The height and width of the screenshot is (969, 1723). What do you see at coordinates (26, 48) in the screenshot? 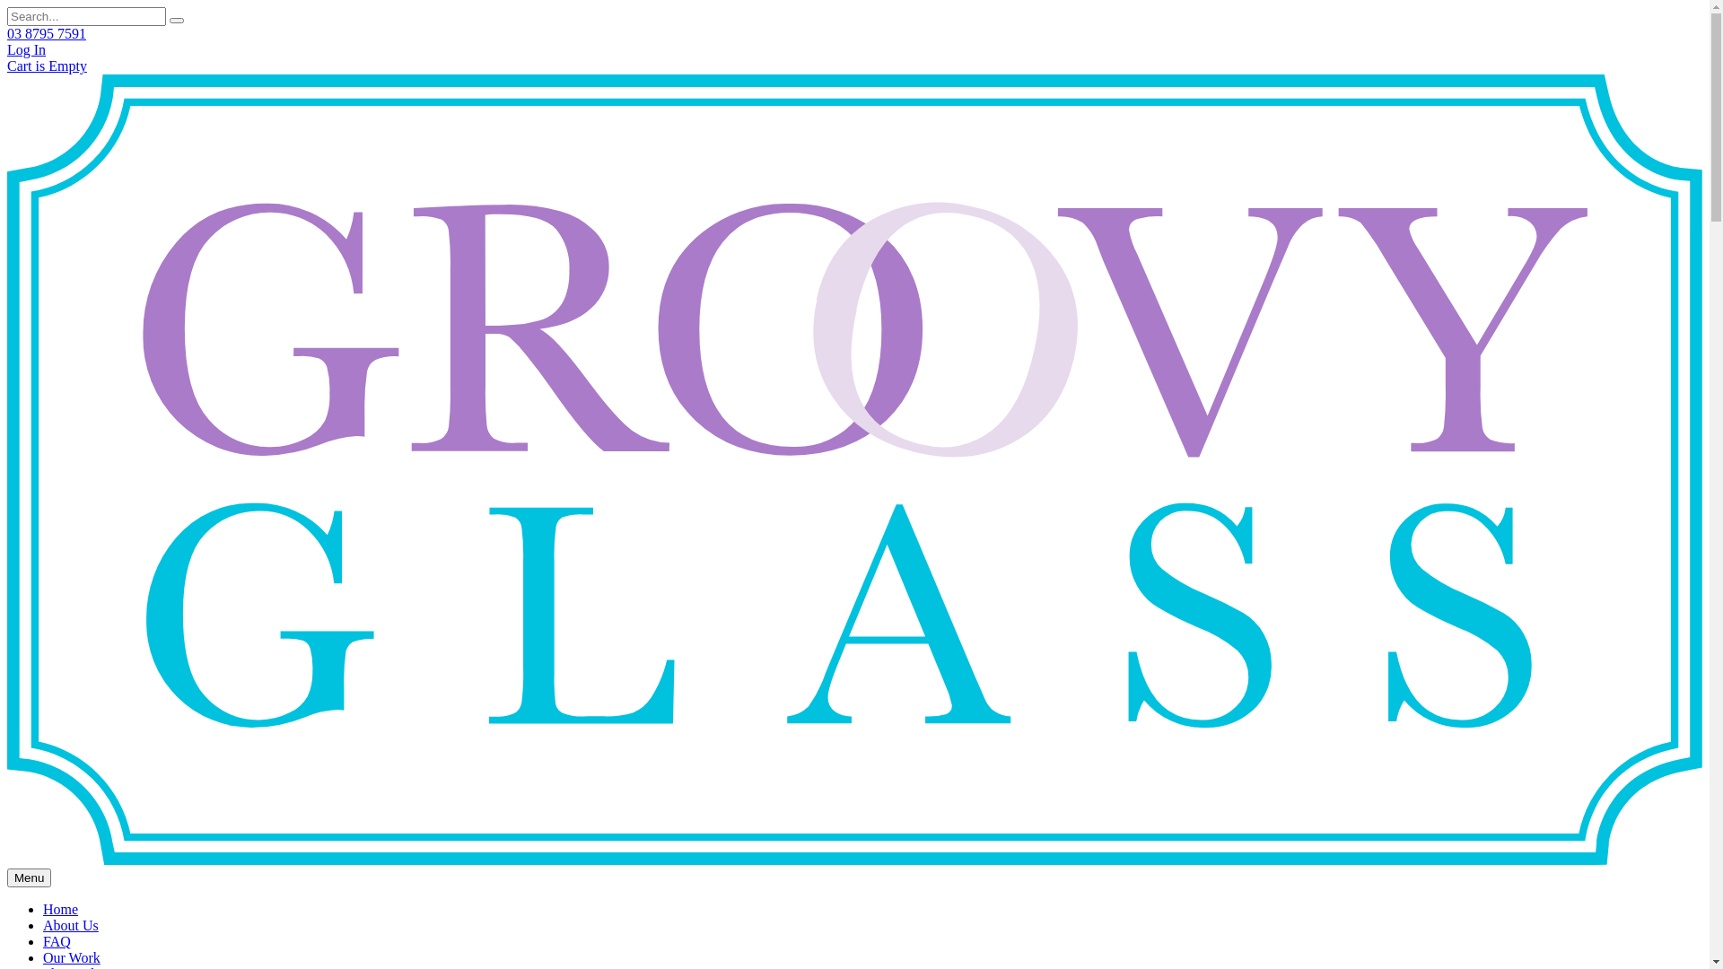
I see `'Log In'` at bounding box center [26, 48].